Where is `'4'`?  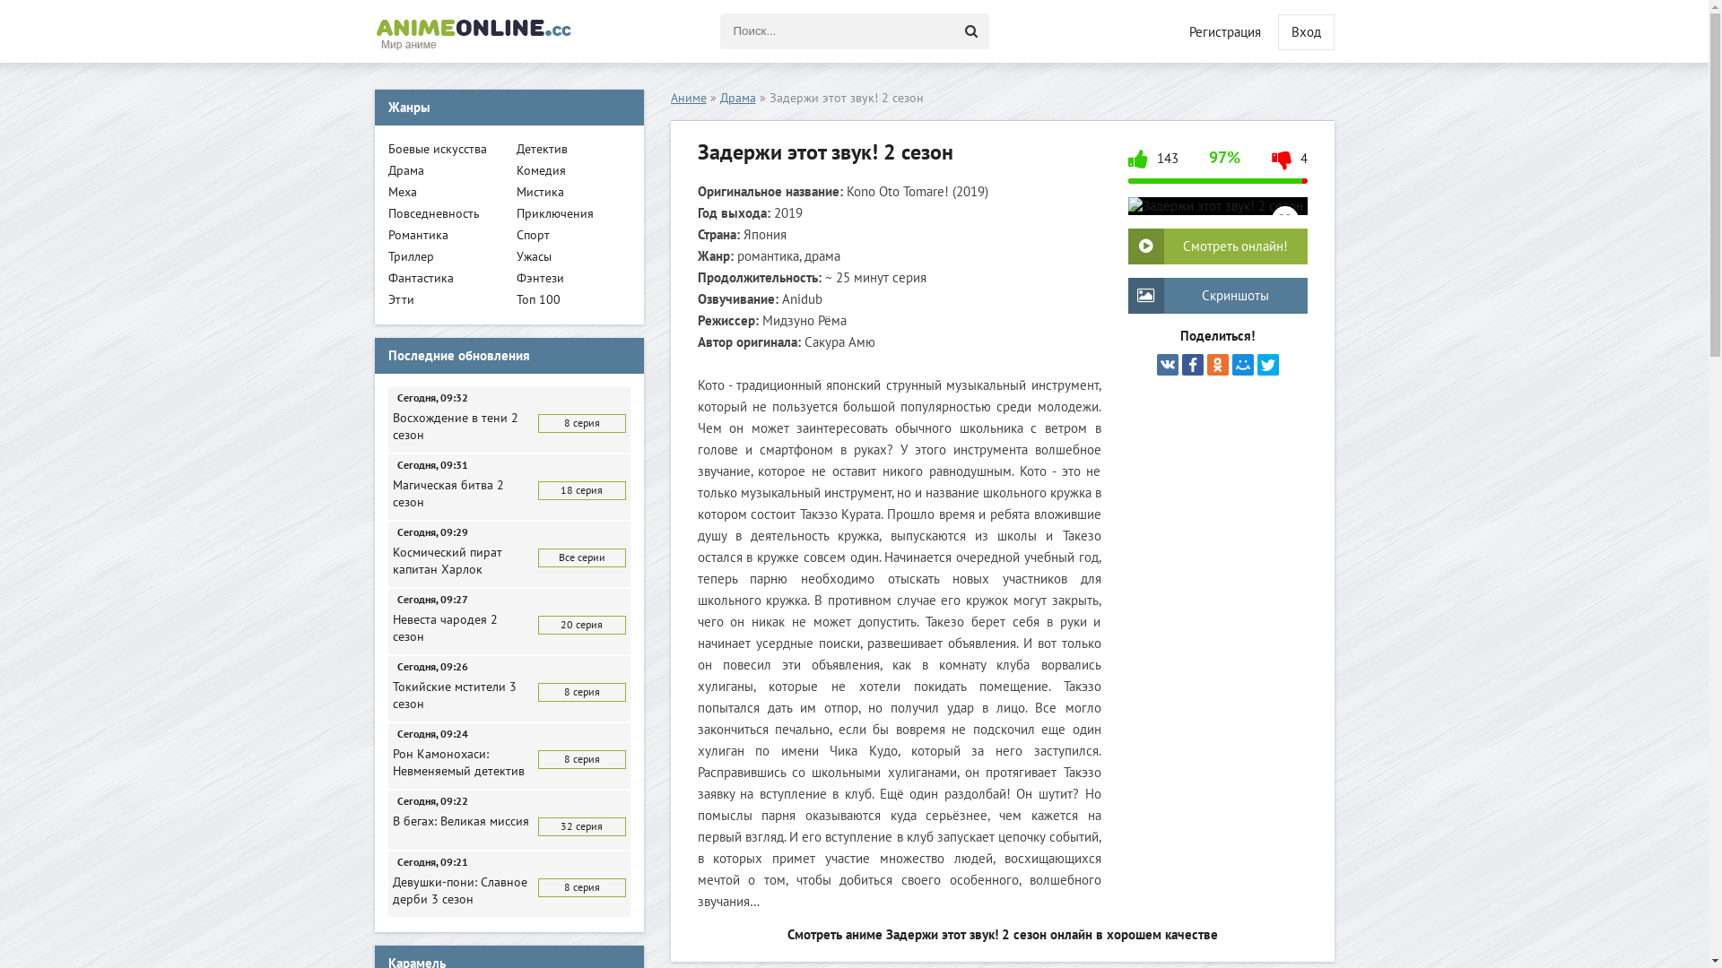 '4' is located at coordinates (1289, 166).